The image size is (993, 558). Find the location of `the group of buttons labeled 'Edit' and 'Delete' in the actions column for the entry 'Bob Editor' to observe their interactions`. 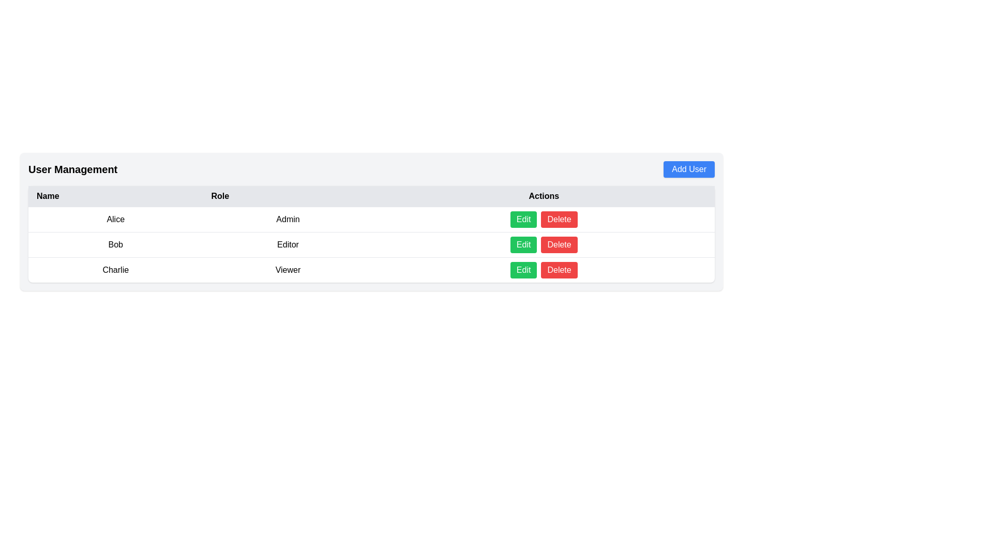

the group of buttons labeled 'Edit' and 'Delete' in the actions column for the entry 'Bob Editor' to observe their interactions is located at coordinates (543, 245).